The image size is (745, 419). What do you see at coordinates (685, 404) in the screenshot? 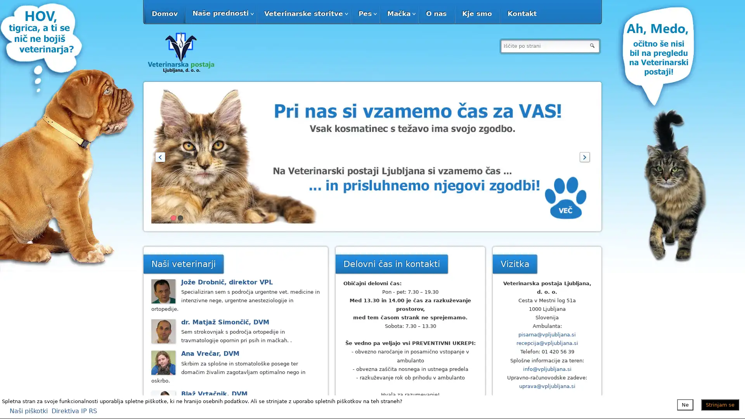
I see `Ne` at bounding box center [685, 404].